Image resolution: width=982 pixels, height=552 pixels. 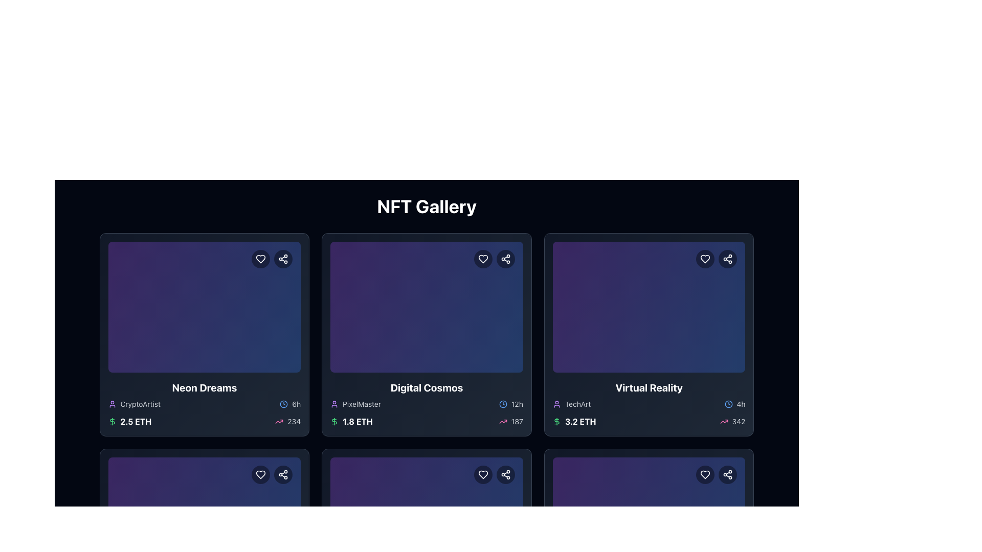 I want to click on the upward trend vector icon located under the 'Neon Dreams' card, so click(x=279, y=422).